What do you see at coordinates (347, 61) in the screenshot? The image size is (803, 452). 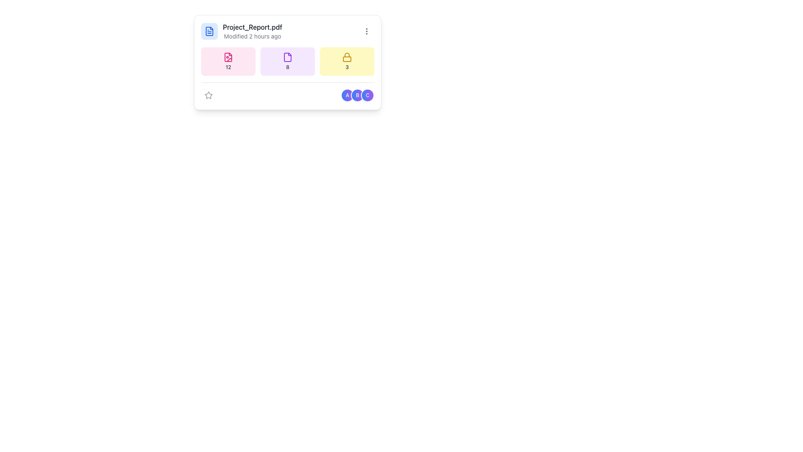 I see `the yellow button with a lock icon above the number '3'` at bounding box center [347, 61].